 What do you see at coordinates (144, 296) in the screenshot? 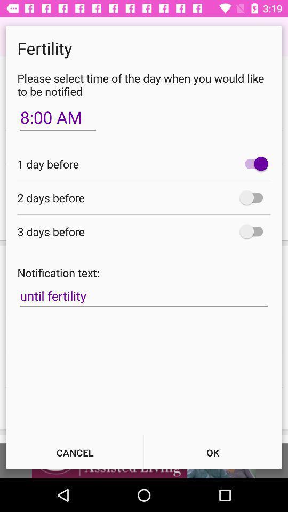
I see `icon below the notification text: icon` at bounding box center [144, 296].